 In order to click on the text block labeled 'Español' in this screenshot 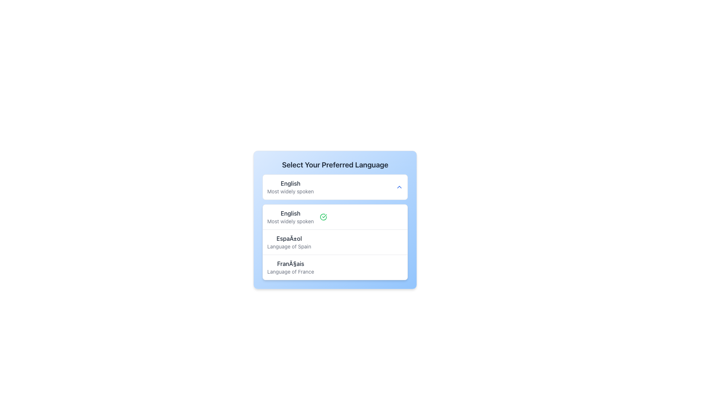, I will do `click(289, 242)`.